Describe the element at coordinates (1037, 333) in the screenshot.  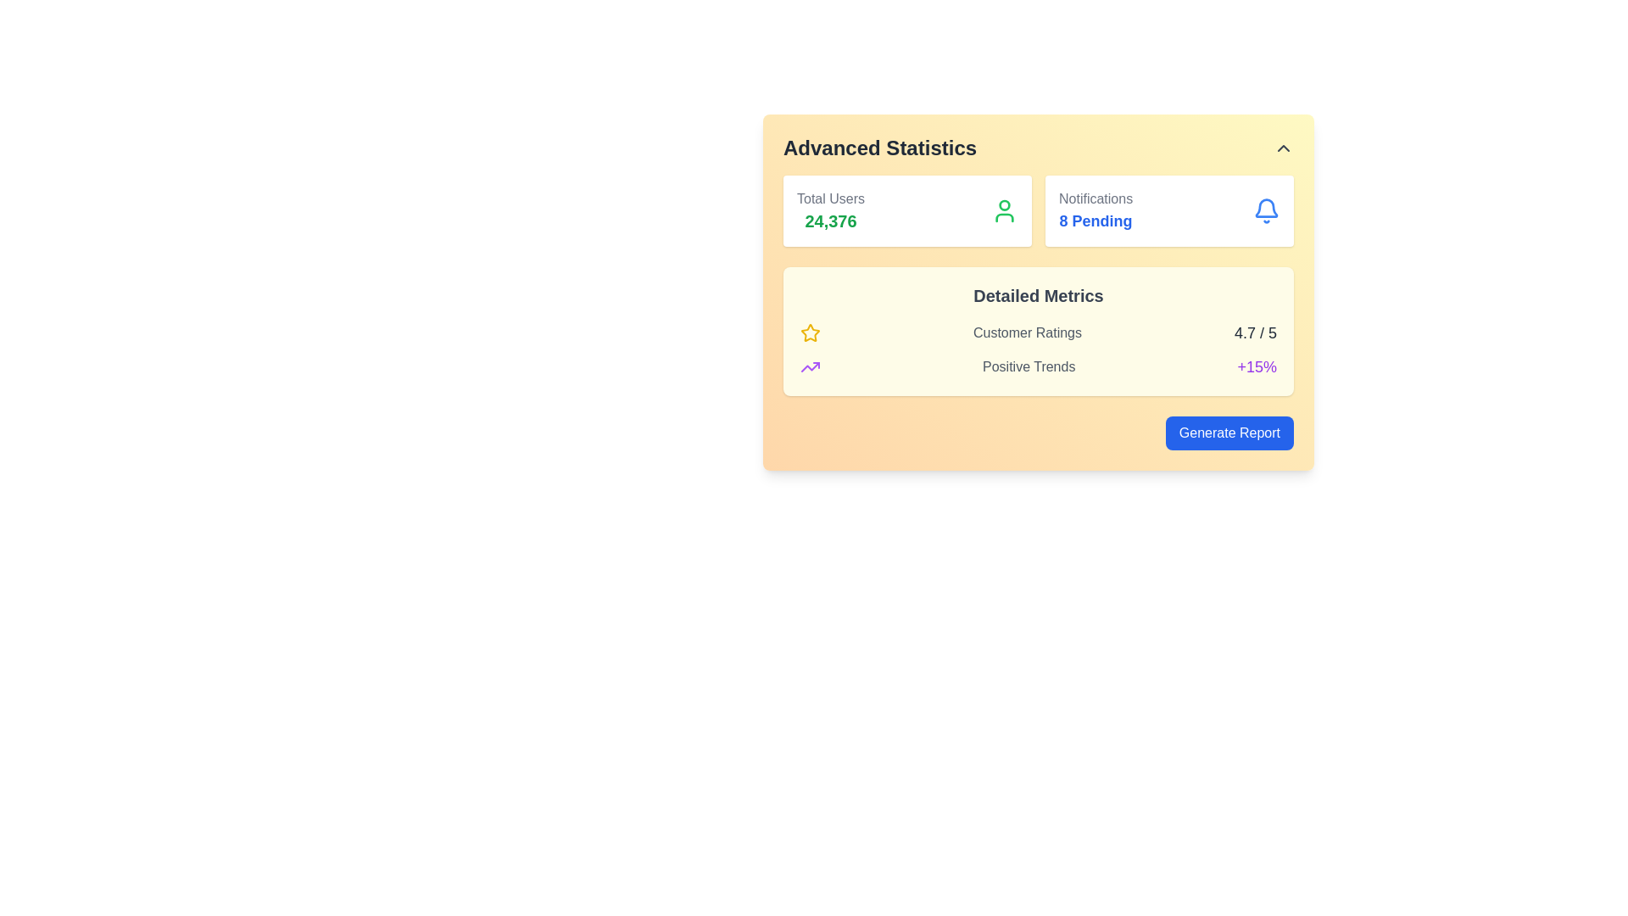
I see `the 'Customer Ratings' display component which consists of a yellow star icon, the label 'Customer Ratings', and the rating value '4.7 / 5', located in the 'Detailed Metrics' section above 'Positive Trends'` at that location.